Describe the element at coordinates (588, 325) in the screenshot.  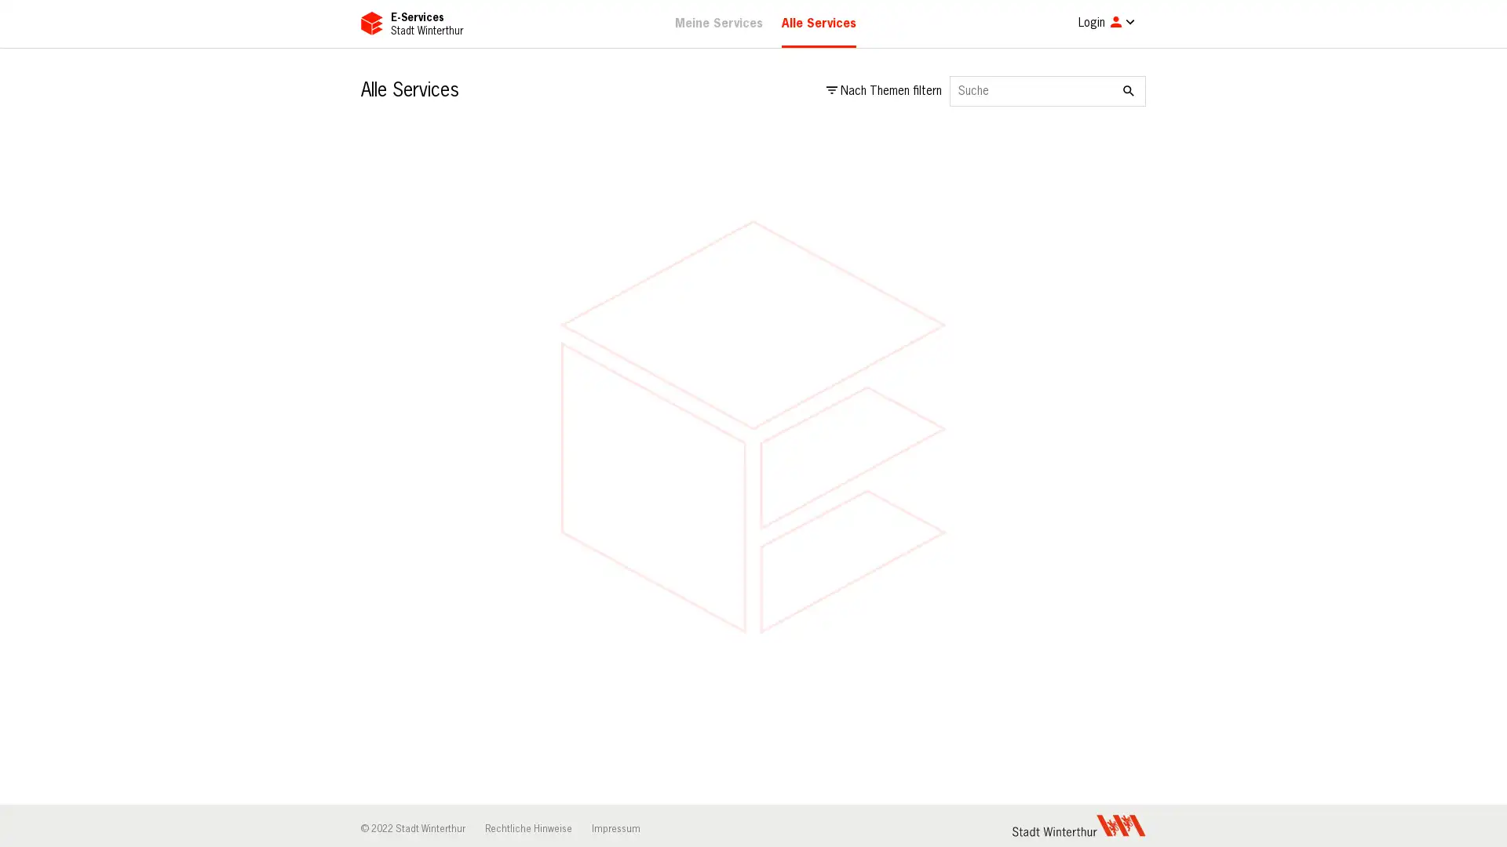
I see `Service Adressauskunft zu Meine Services hinzufugen` at that location.